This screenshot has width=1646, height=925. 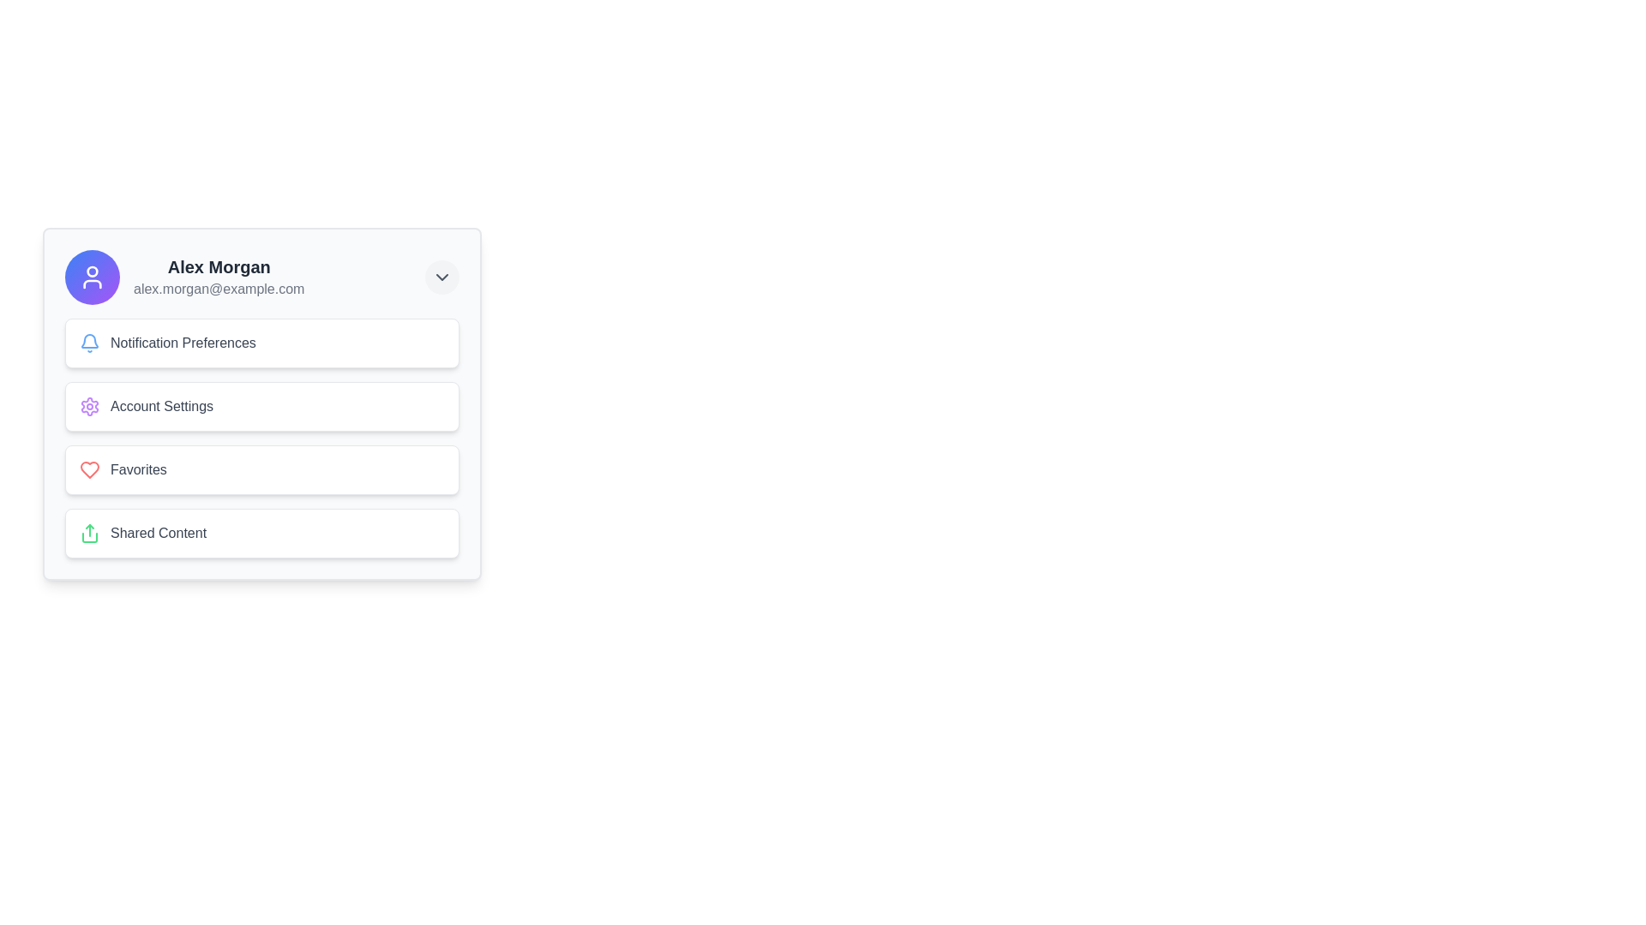 I want to click on the green share icon located to the left of the 'Shared Content' text in the fourth item of the main vertical list, so click(x=89, y=533).